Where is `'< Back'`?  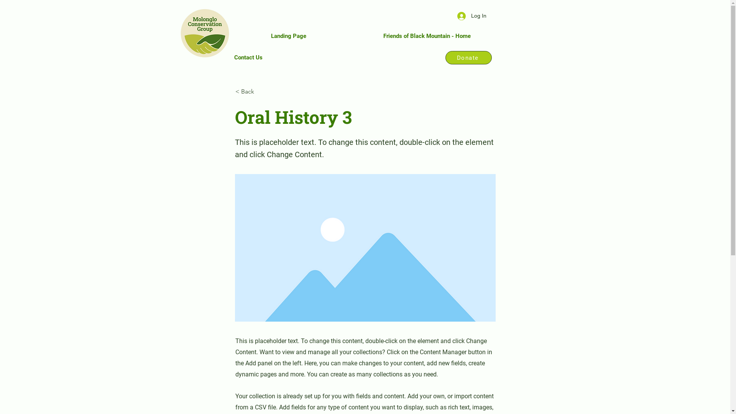 '< Back' is located at coordinates (261, 91).